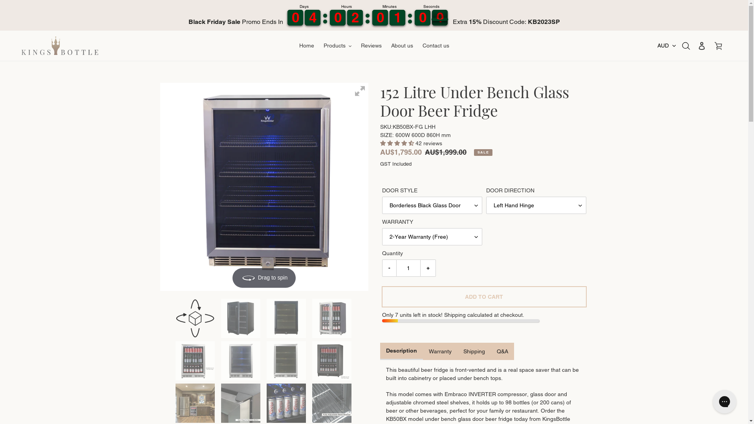 Image resolution: width=754 pixels, height=424 pixels. Describe the element at coordinates (312, 18) in the screenshot. I see `'3` at that location.